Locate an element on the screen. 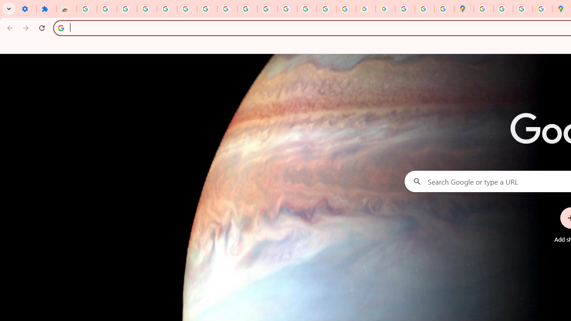 This screenshot has height=321, width=571. 'Safety in Our Products - Google Safety Center' is located at coordinates (542, 9).